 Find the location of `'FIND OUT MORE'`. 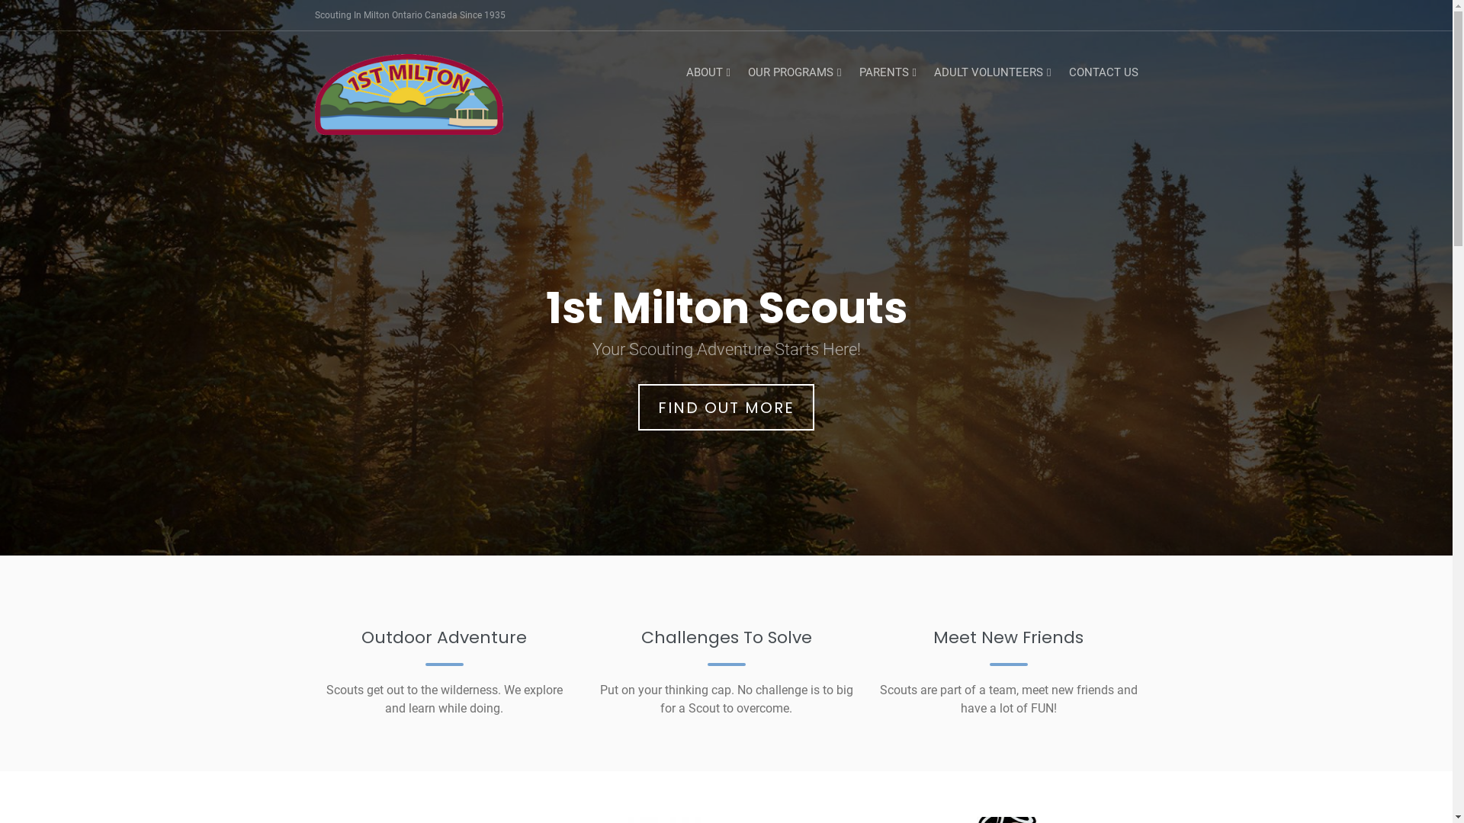

'FIND OUT MORE' is located at coordinates (637, 406).